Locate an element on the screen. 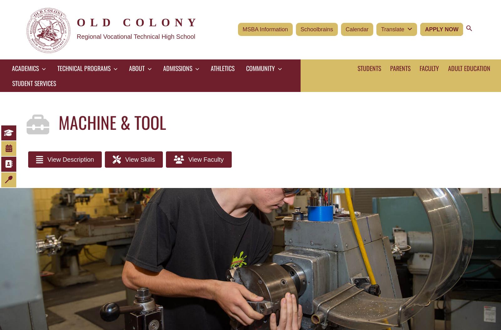 The width and height of the screenshot is (501, 330). 'View Description' is located at coordinates (70, 159).